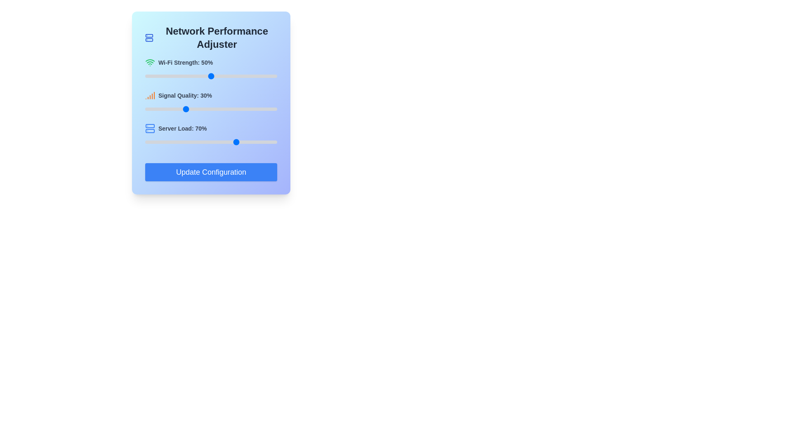 The width and height of the screenshot is (792, 445). I want to click on the middle horizontal segment of the server icon in the 'Network Performance Adjuster' panel, so click(150, 130).